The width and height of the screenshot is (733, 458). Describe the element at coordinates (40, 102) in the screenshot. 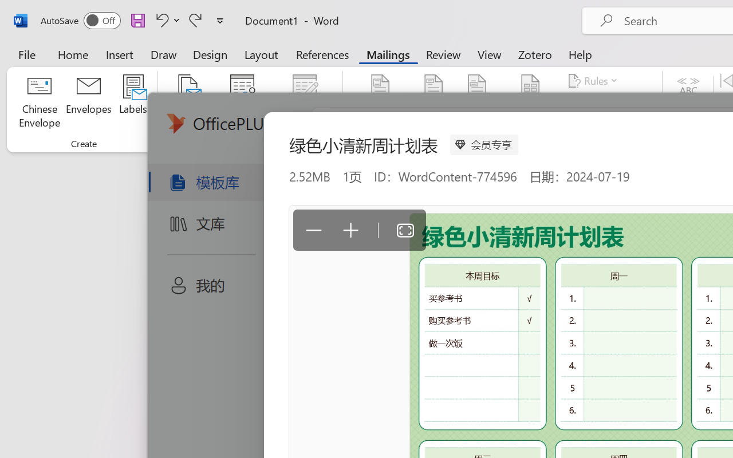

I see `'Chinese Envelope...'` at that location.